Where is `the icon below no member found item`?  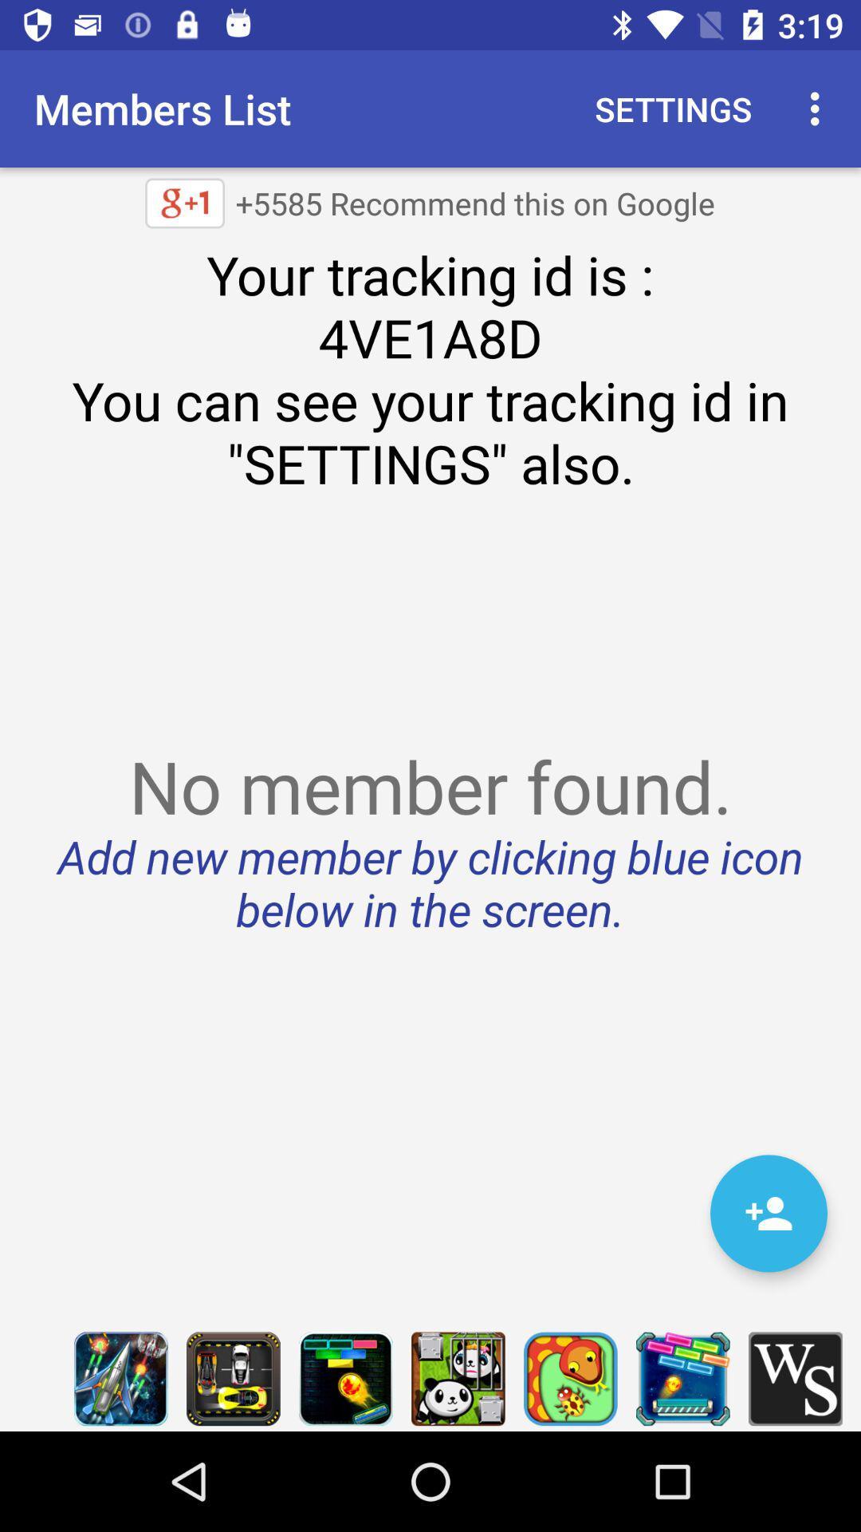
the icon below no member found item is located at coordinates (768, 1213).